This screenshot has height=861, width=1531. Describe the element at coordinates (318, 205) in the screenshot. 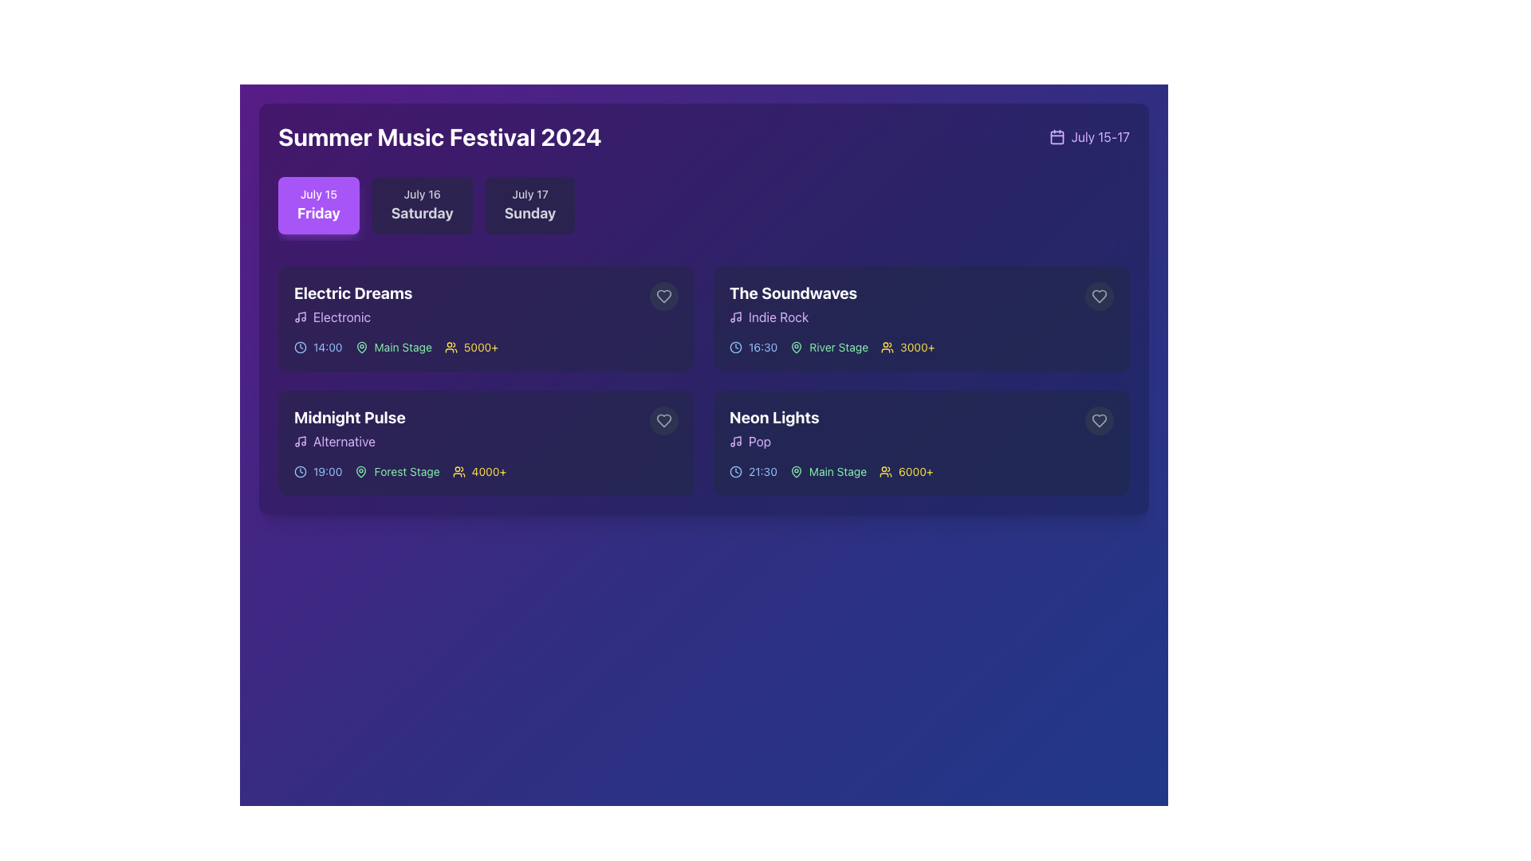

I see `the selectable button for July 15` at that location.